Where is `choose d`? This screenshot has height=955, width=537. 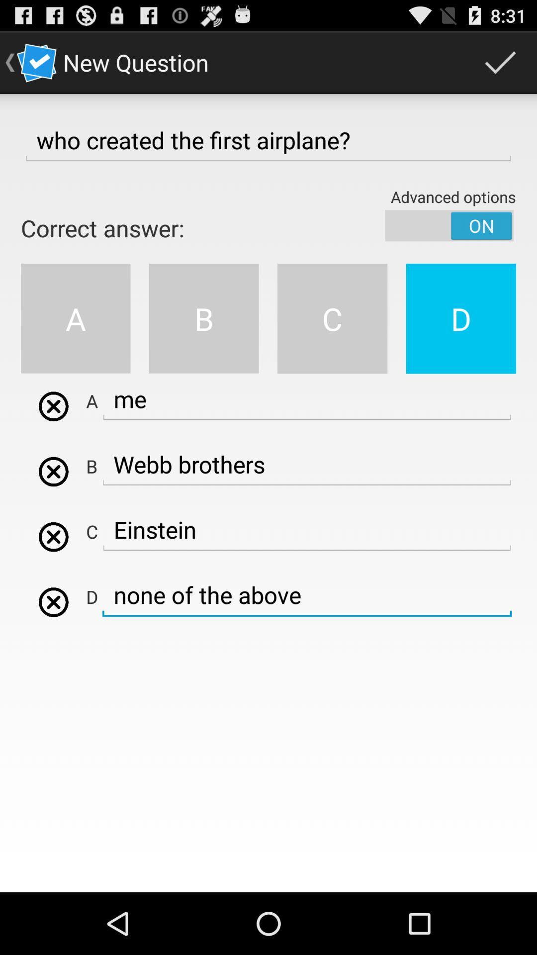 choose d is located at coordinates (53, 601).